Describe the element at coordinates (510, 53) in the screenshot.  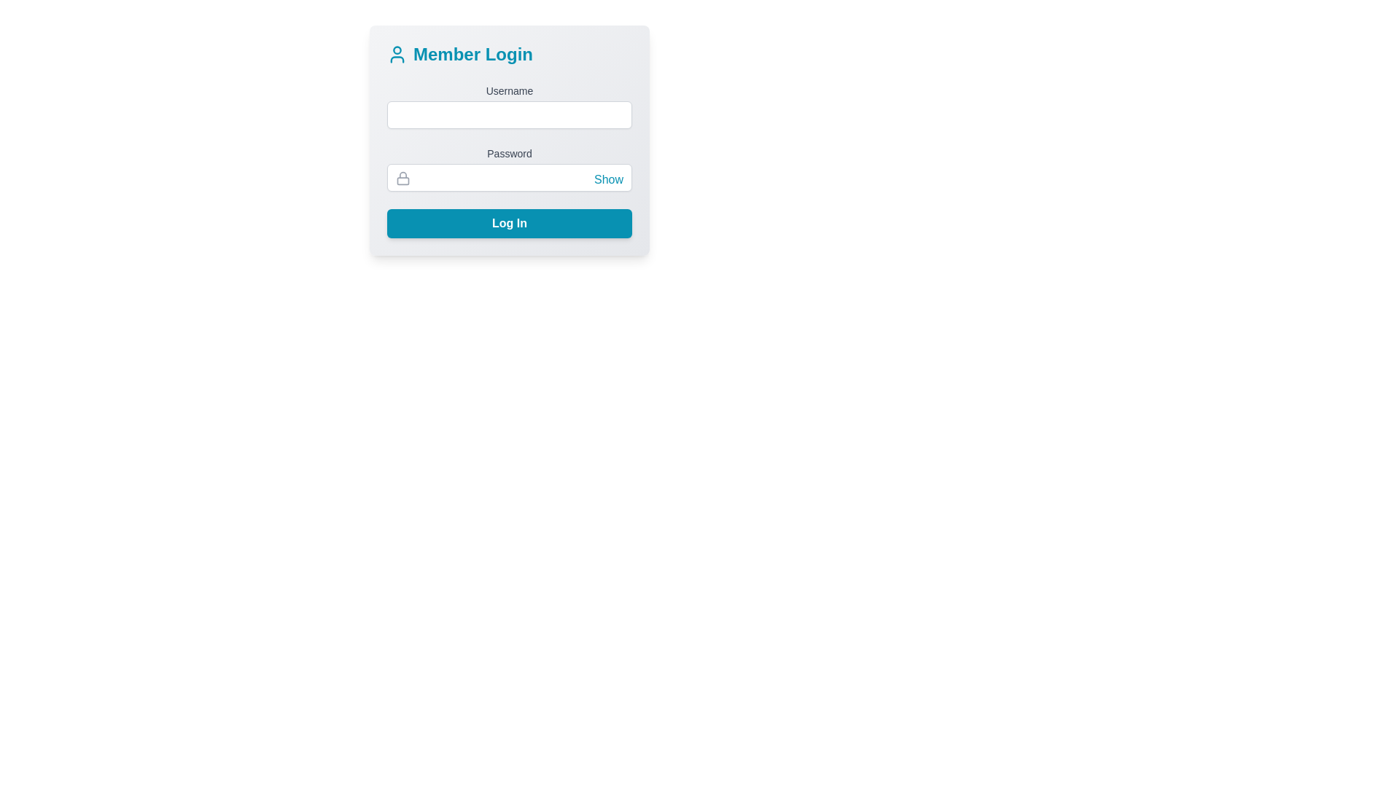
I see `the 'Member Login' heading text element located at the top of the login form, which introduces the login context` at that location.